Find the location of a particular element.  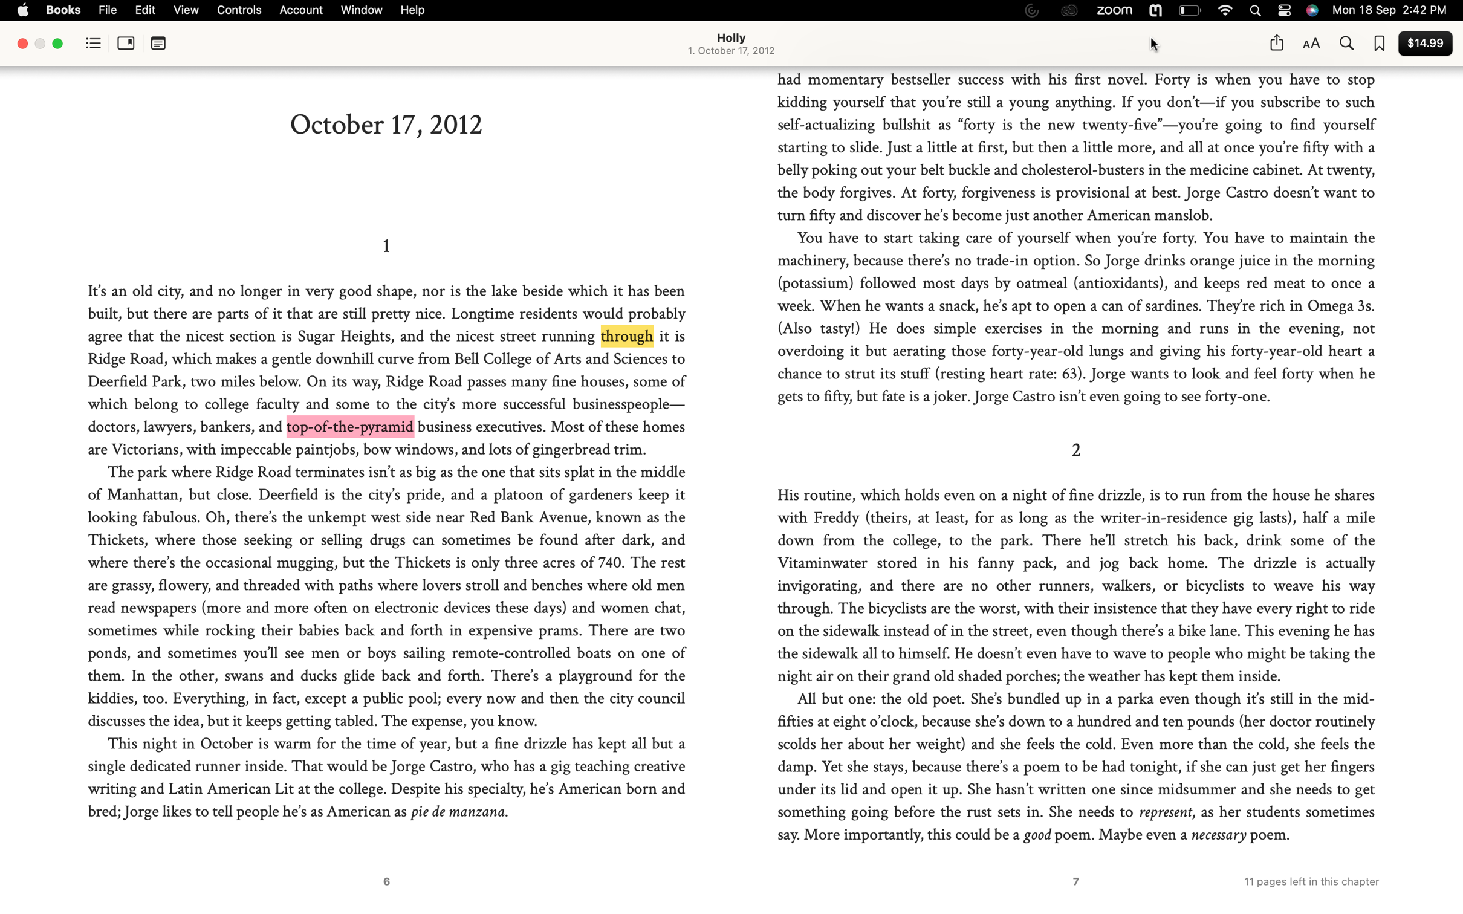

Switch the current typeface to Arial is located at coordinates (1310, 44).